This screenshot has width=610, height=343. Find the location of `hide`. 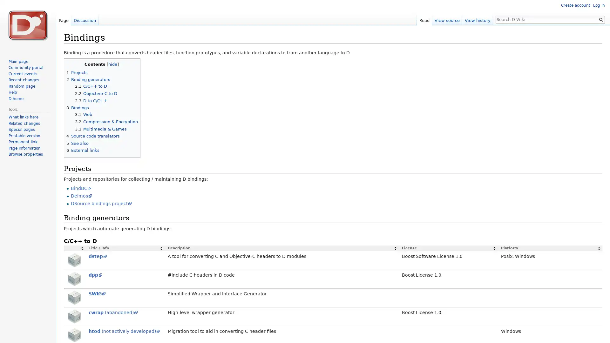

hide is located at coordinates (112, 64).